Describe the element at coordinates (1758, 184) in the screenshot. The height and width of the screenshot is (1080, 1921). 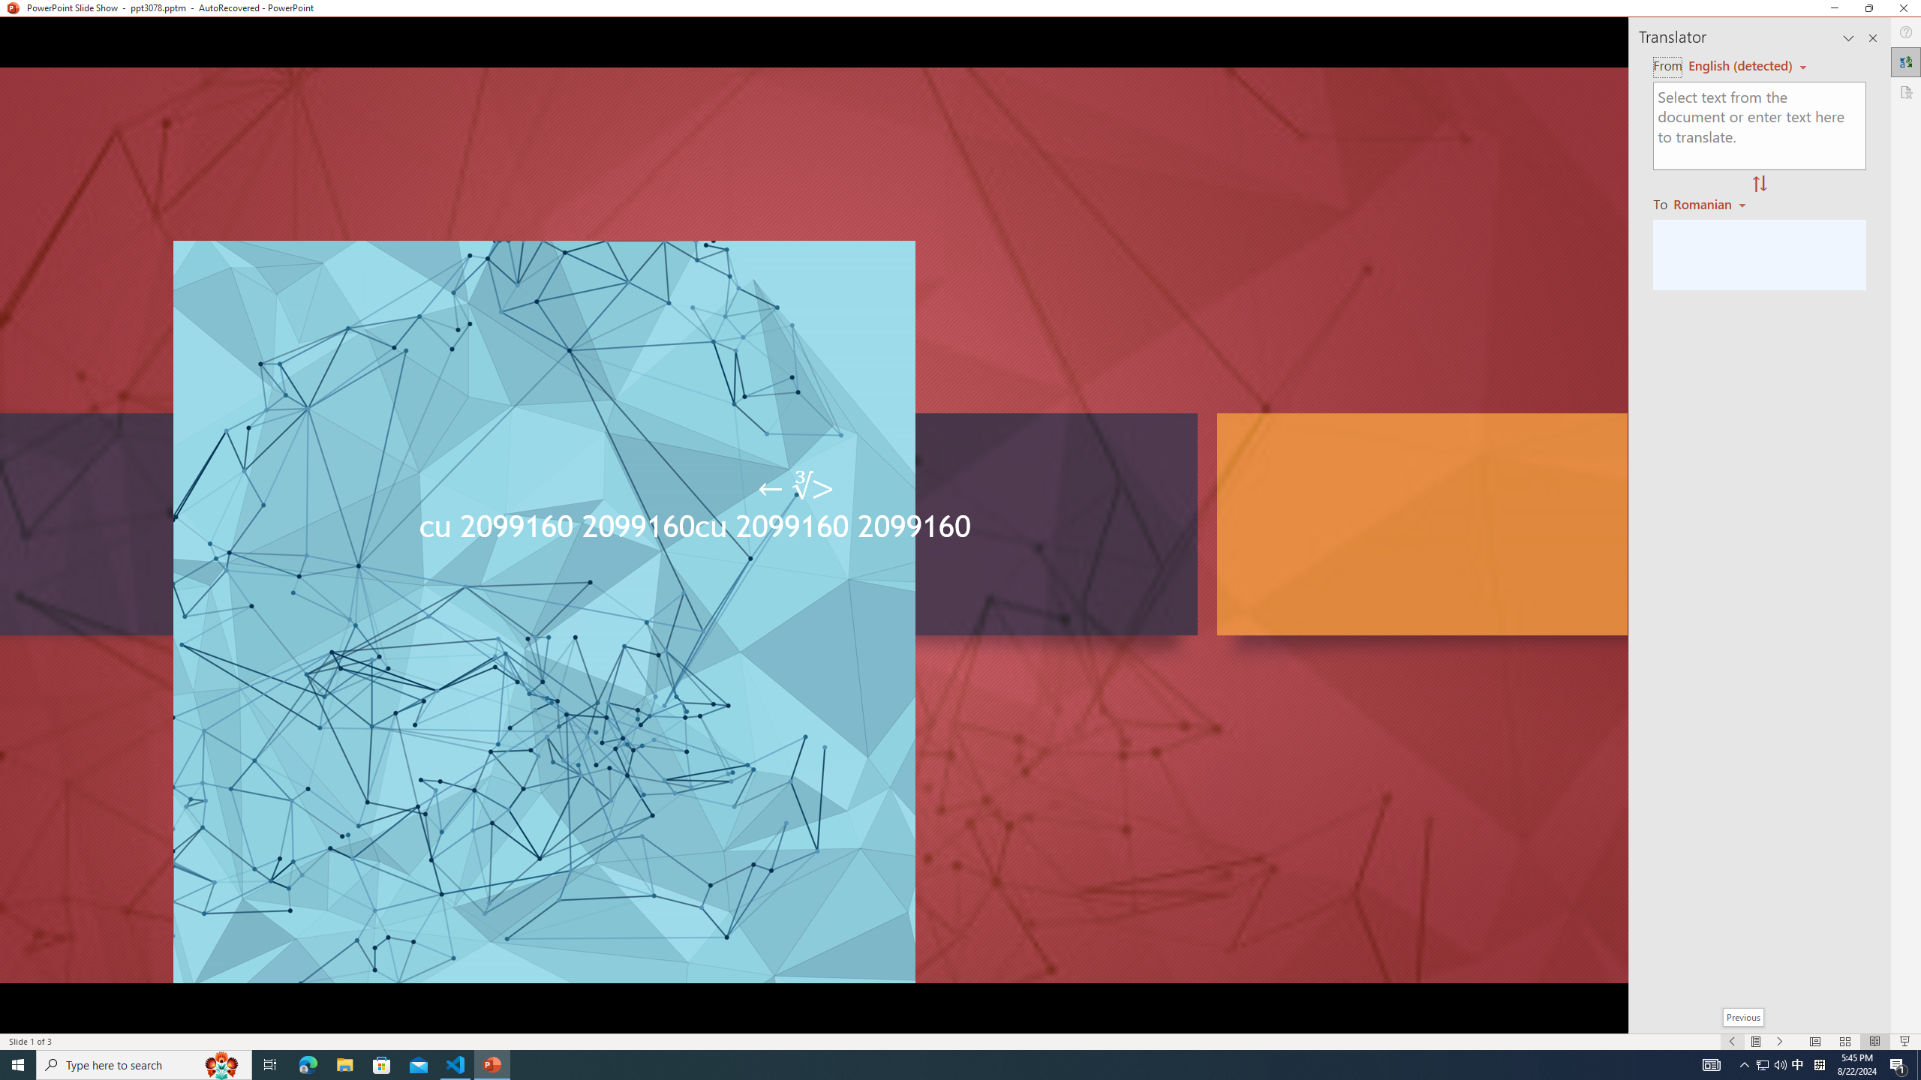
I see `'Swap "from" and "to" languages.'` at that location.